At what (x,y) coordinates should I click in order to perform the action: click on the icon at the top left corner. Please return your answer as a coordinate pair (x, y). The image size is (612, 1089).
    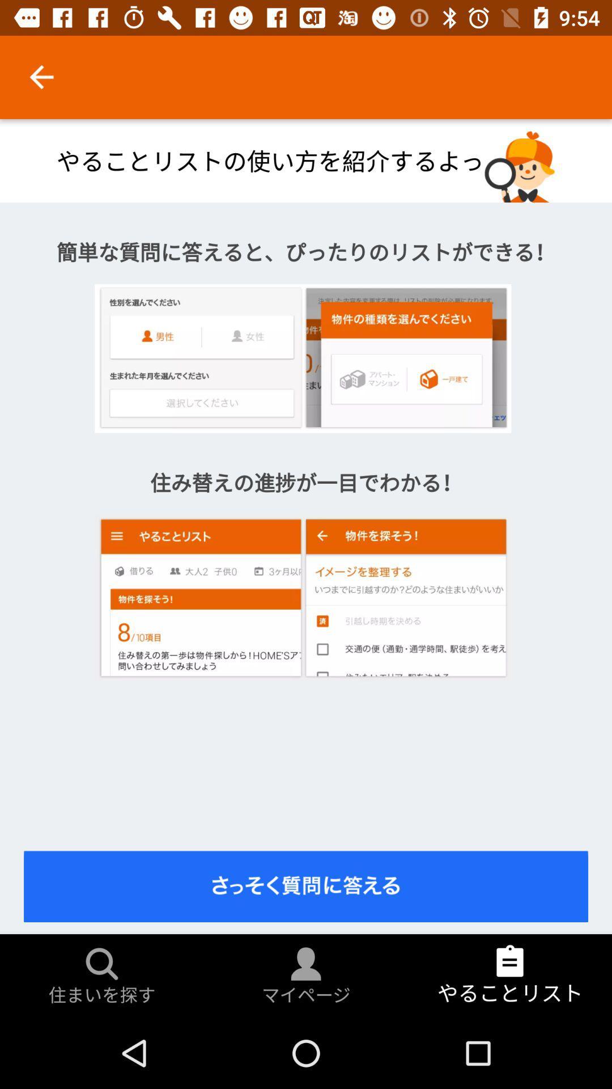
    Looking at the image, I should click on (41, 77).